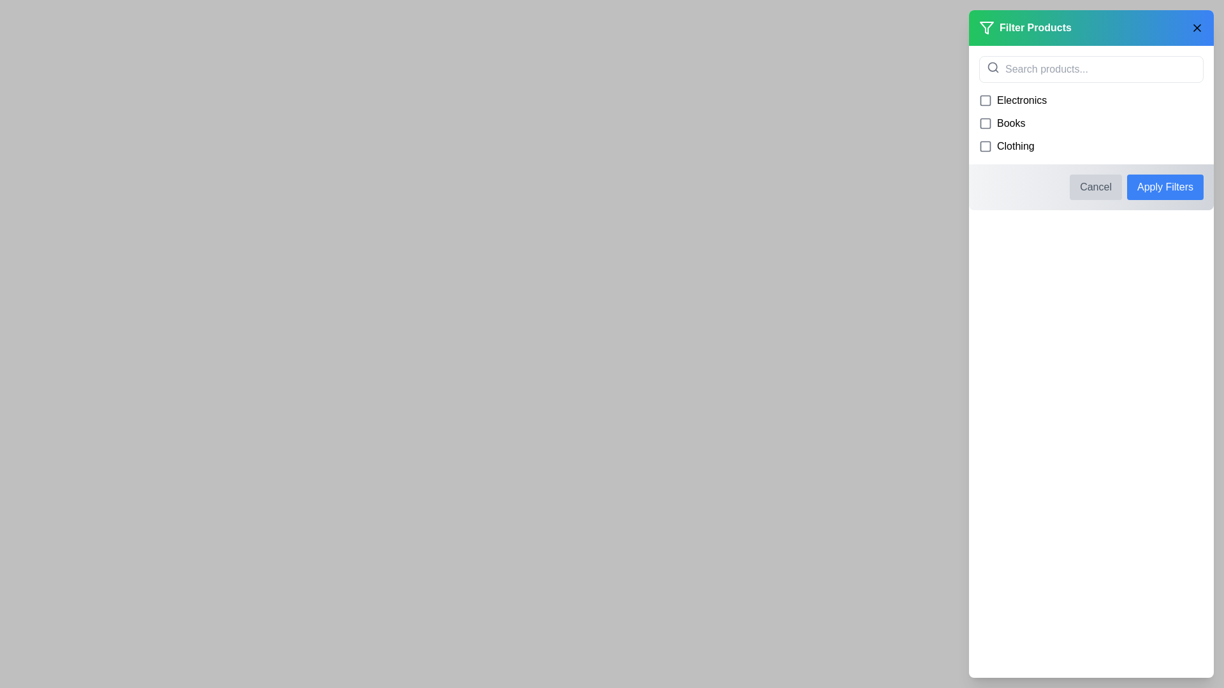  What do you see at coordinates (1091, 104) in the screenshot?
I see `the checkbox next to the 'Electronics' item in the Filter list with checkboxes` at bounding box center [1091, 104].